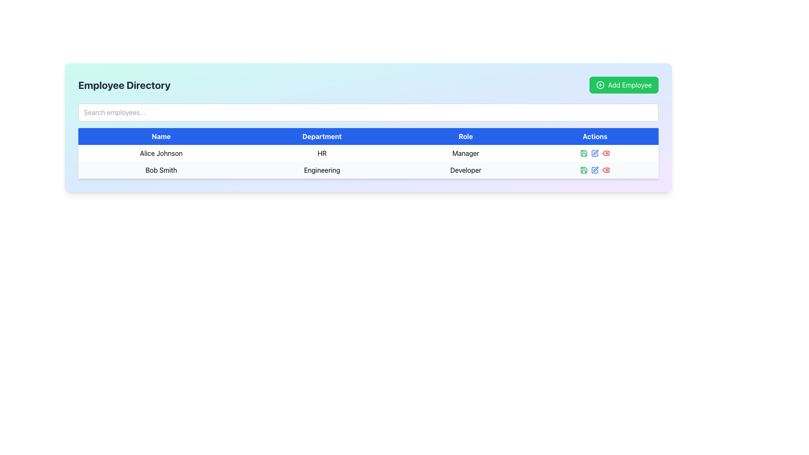  I want to click on the Text Label indicating the role 'Manager' of Alice Johnson in the Role column of the table, so click(465, 153).